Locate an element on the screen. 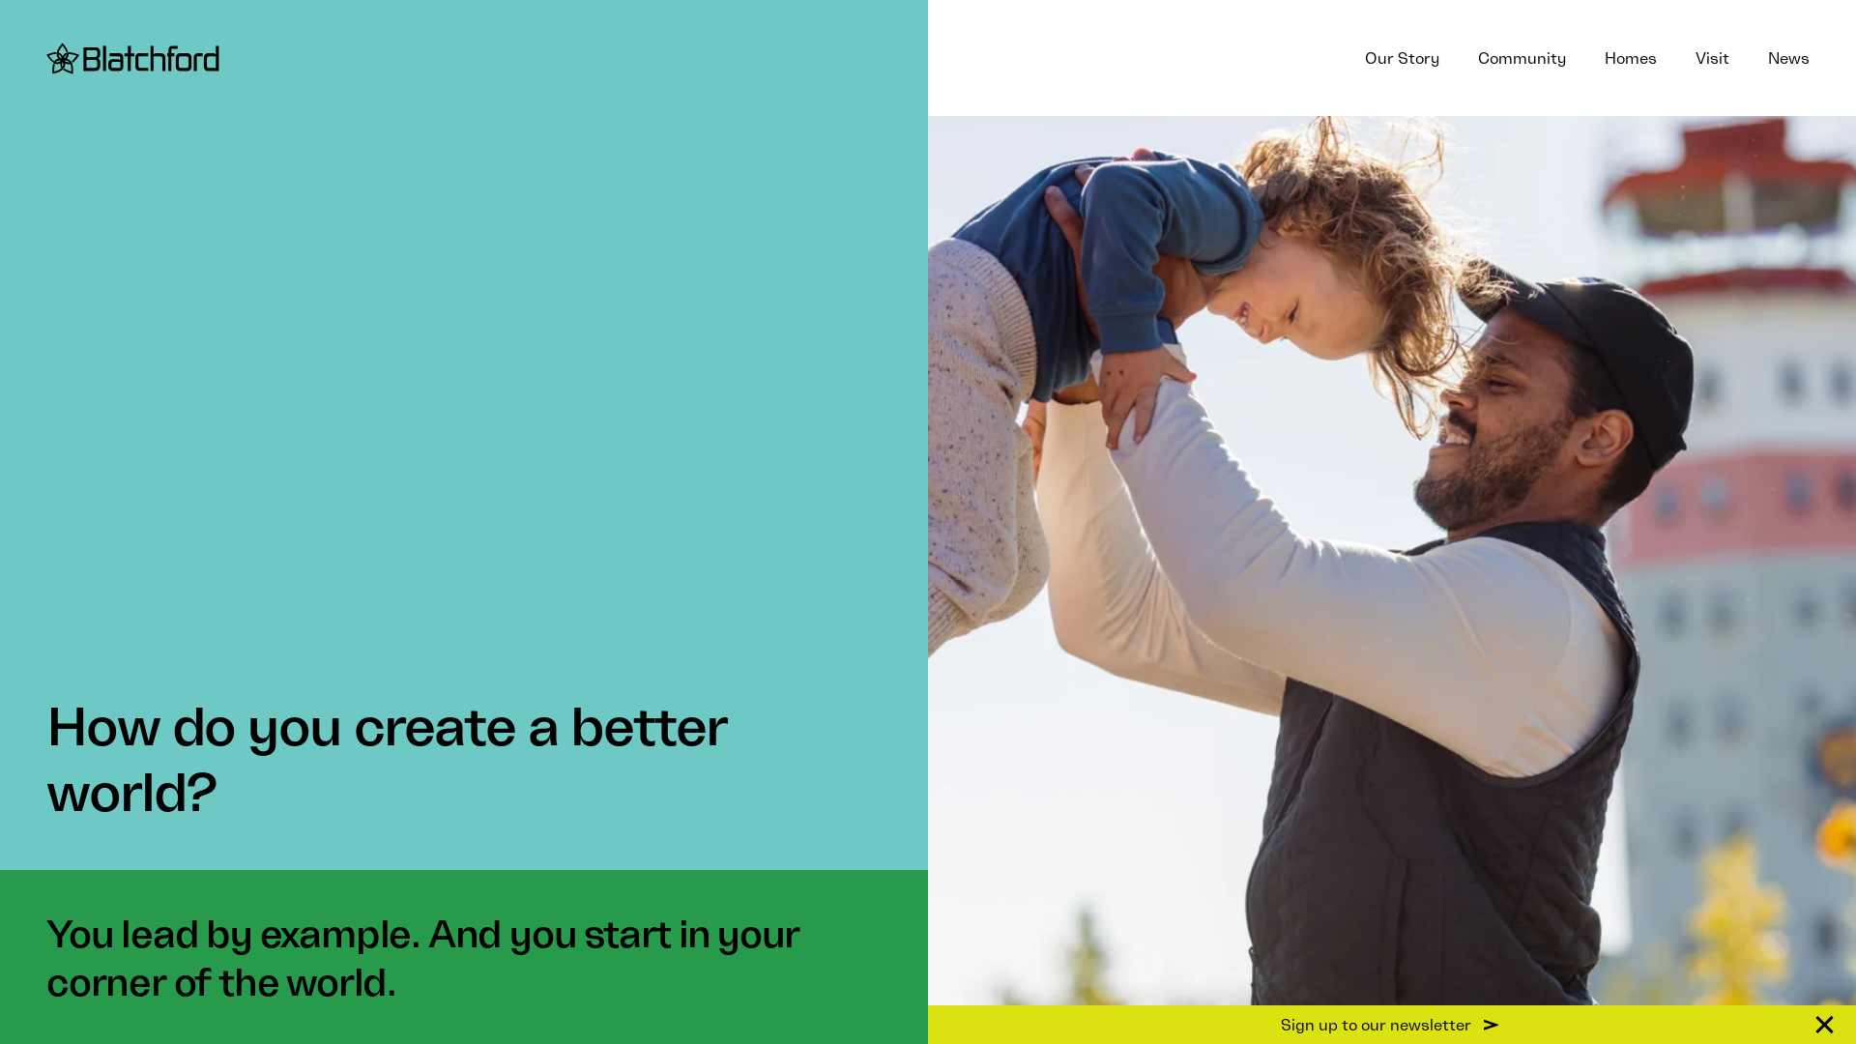  'News' is located at coordinates (1787, 57).